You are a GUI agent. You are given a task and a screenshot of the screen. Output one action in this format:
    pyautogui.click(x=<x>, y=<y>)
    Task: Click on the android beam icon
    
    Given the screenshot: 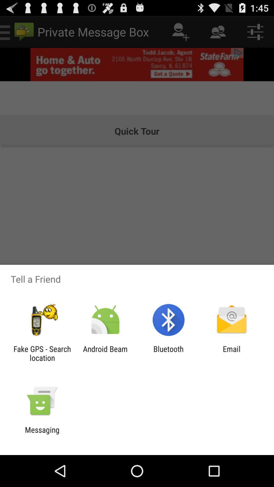 What is the action you would take?
    pyautogui.click(x=105, y=353)
    